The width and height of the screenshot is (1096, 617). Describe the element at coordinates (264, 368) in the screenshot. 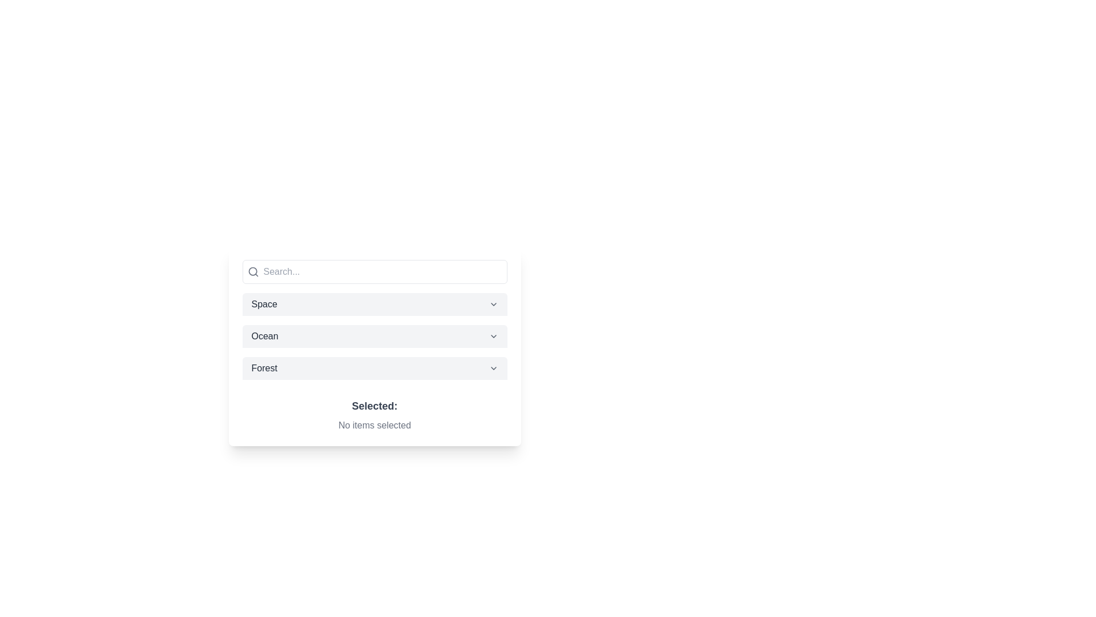

I see `the static text label that indicates a selectable category in the dropdown menu, located to the left of the downward-pointing chevron icon` at that location.